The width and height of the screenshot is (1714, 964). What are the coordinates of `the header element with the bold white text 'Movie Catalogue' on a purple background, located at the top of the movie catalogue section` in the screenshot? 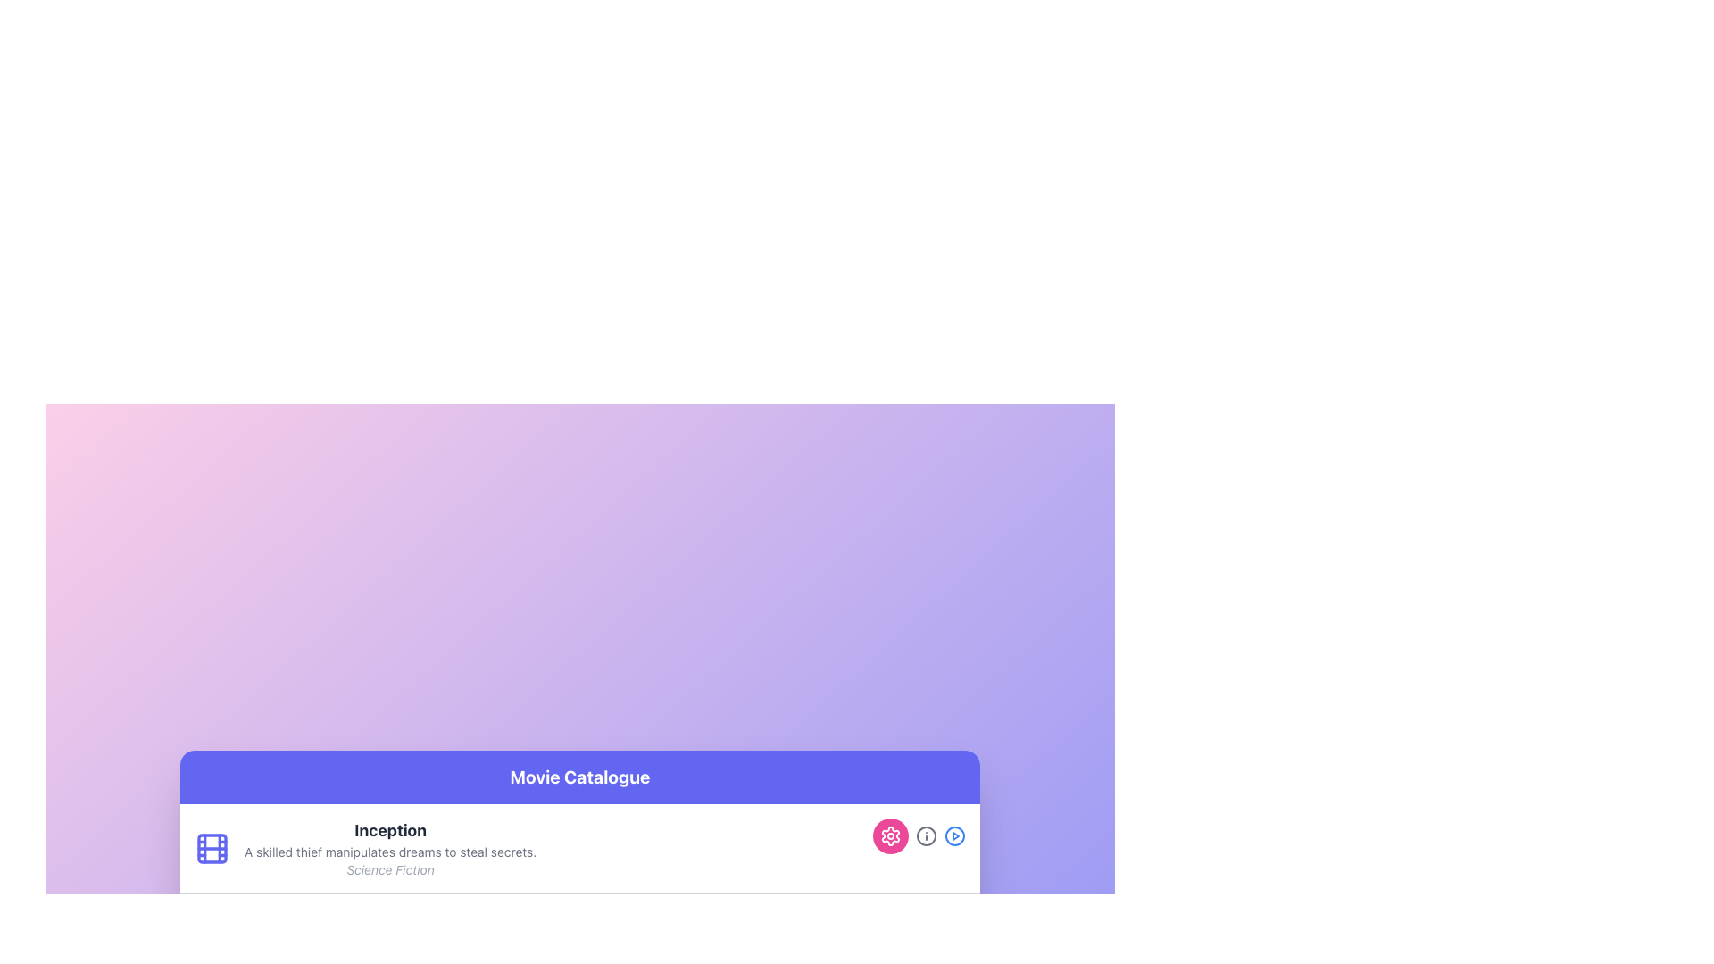 It's located at (579, 776).